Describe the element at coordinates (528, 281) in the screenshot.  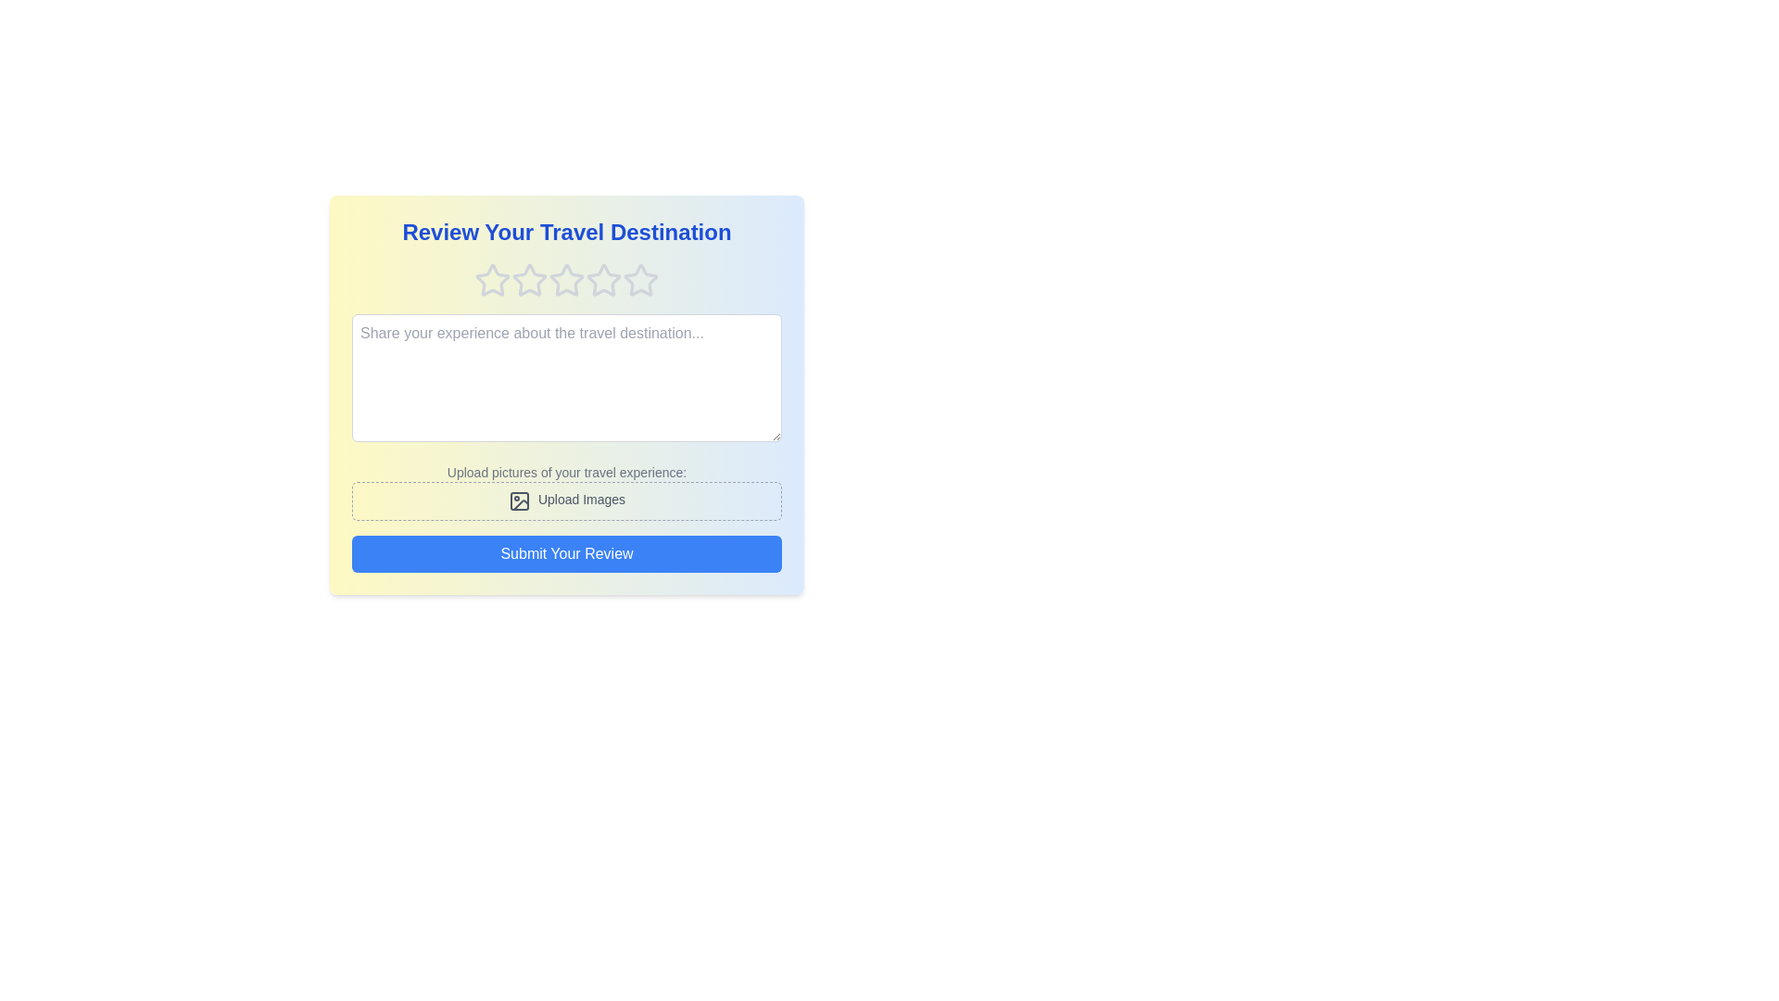
I see `the rating to 2 stars by clicking on the corresponding star icon` at that location.